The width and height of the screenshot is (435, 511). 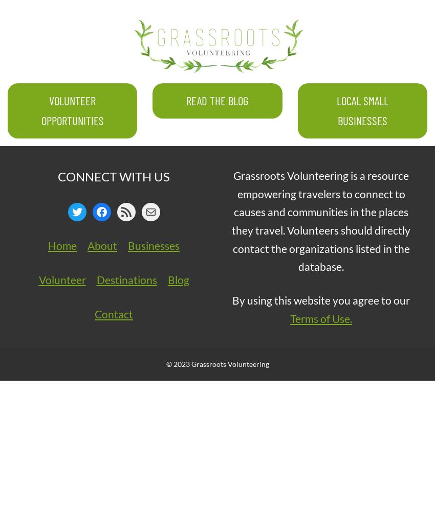 I want to click on 'Connect with Us', so click(x=114, y=175).